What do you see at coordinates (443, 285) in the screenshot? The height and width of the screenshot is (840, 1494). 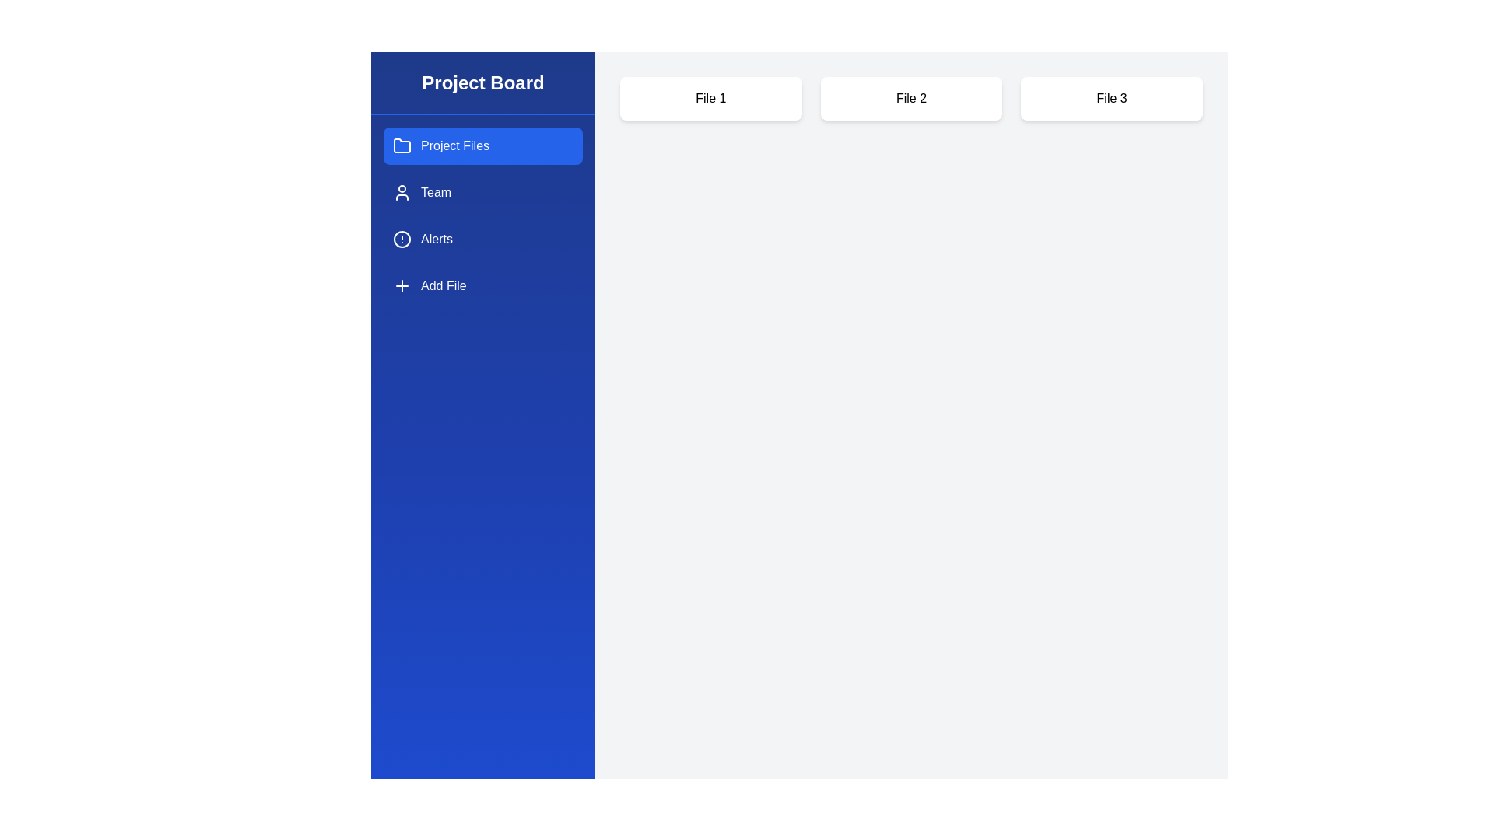 I see `the fourth item in the left sidebar menu labeled as 'Add New File'` at bounding box center [443, 285].